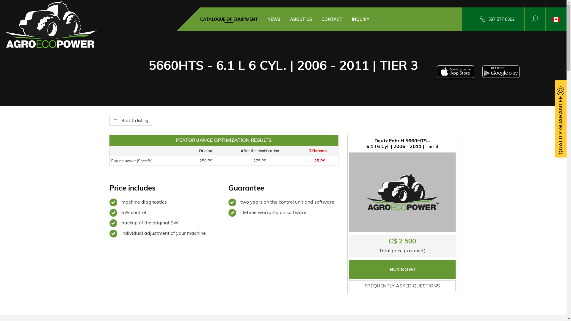 This screenshot has height=321, width=571. I want to click on '587 577 6862.', so click(501, 19).